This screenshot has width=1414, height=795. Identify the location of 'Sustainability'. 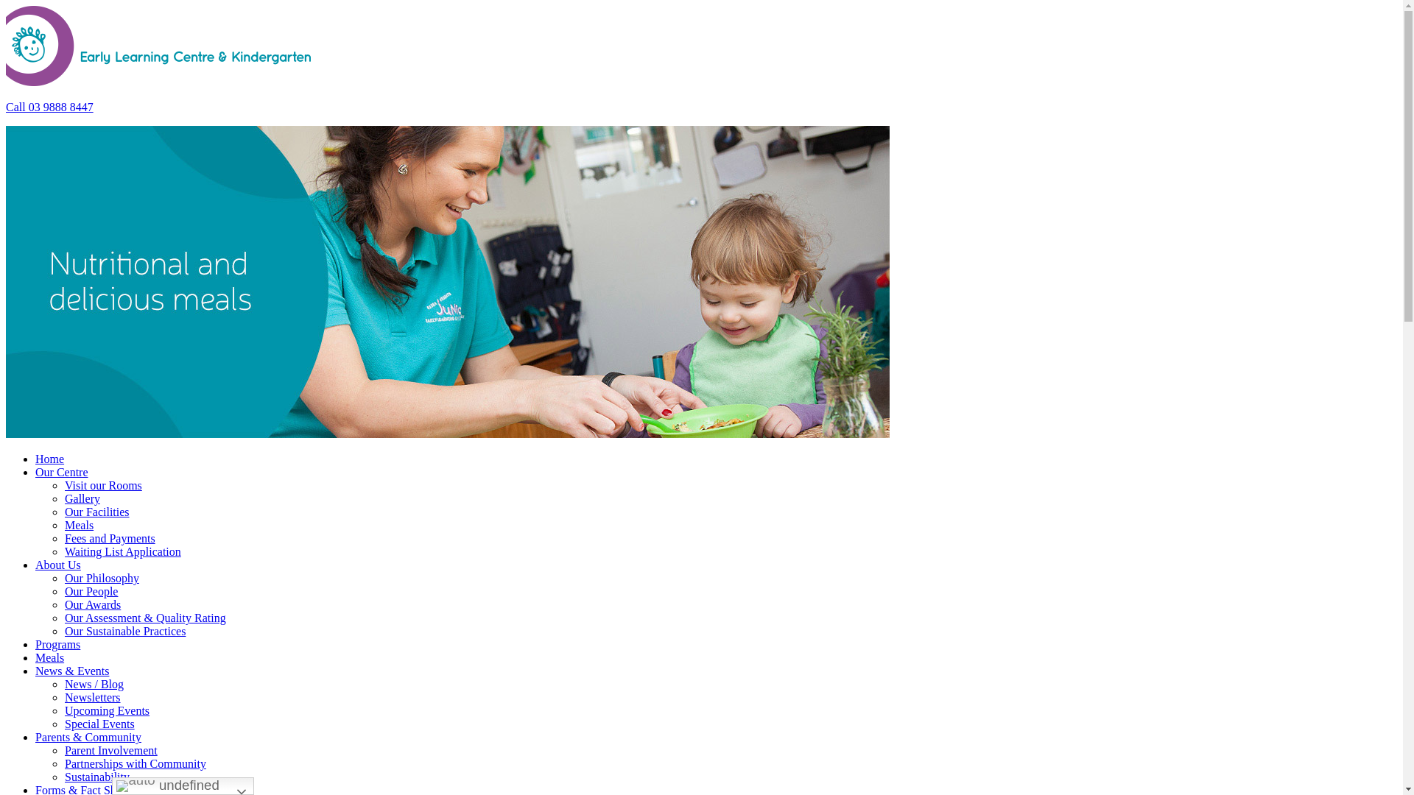
(96, 776).